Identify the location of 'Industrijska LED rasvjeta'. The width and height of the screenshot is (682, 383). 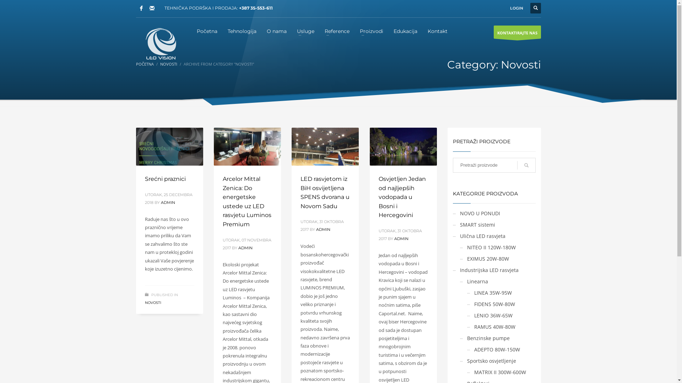
(485, 270).